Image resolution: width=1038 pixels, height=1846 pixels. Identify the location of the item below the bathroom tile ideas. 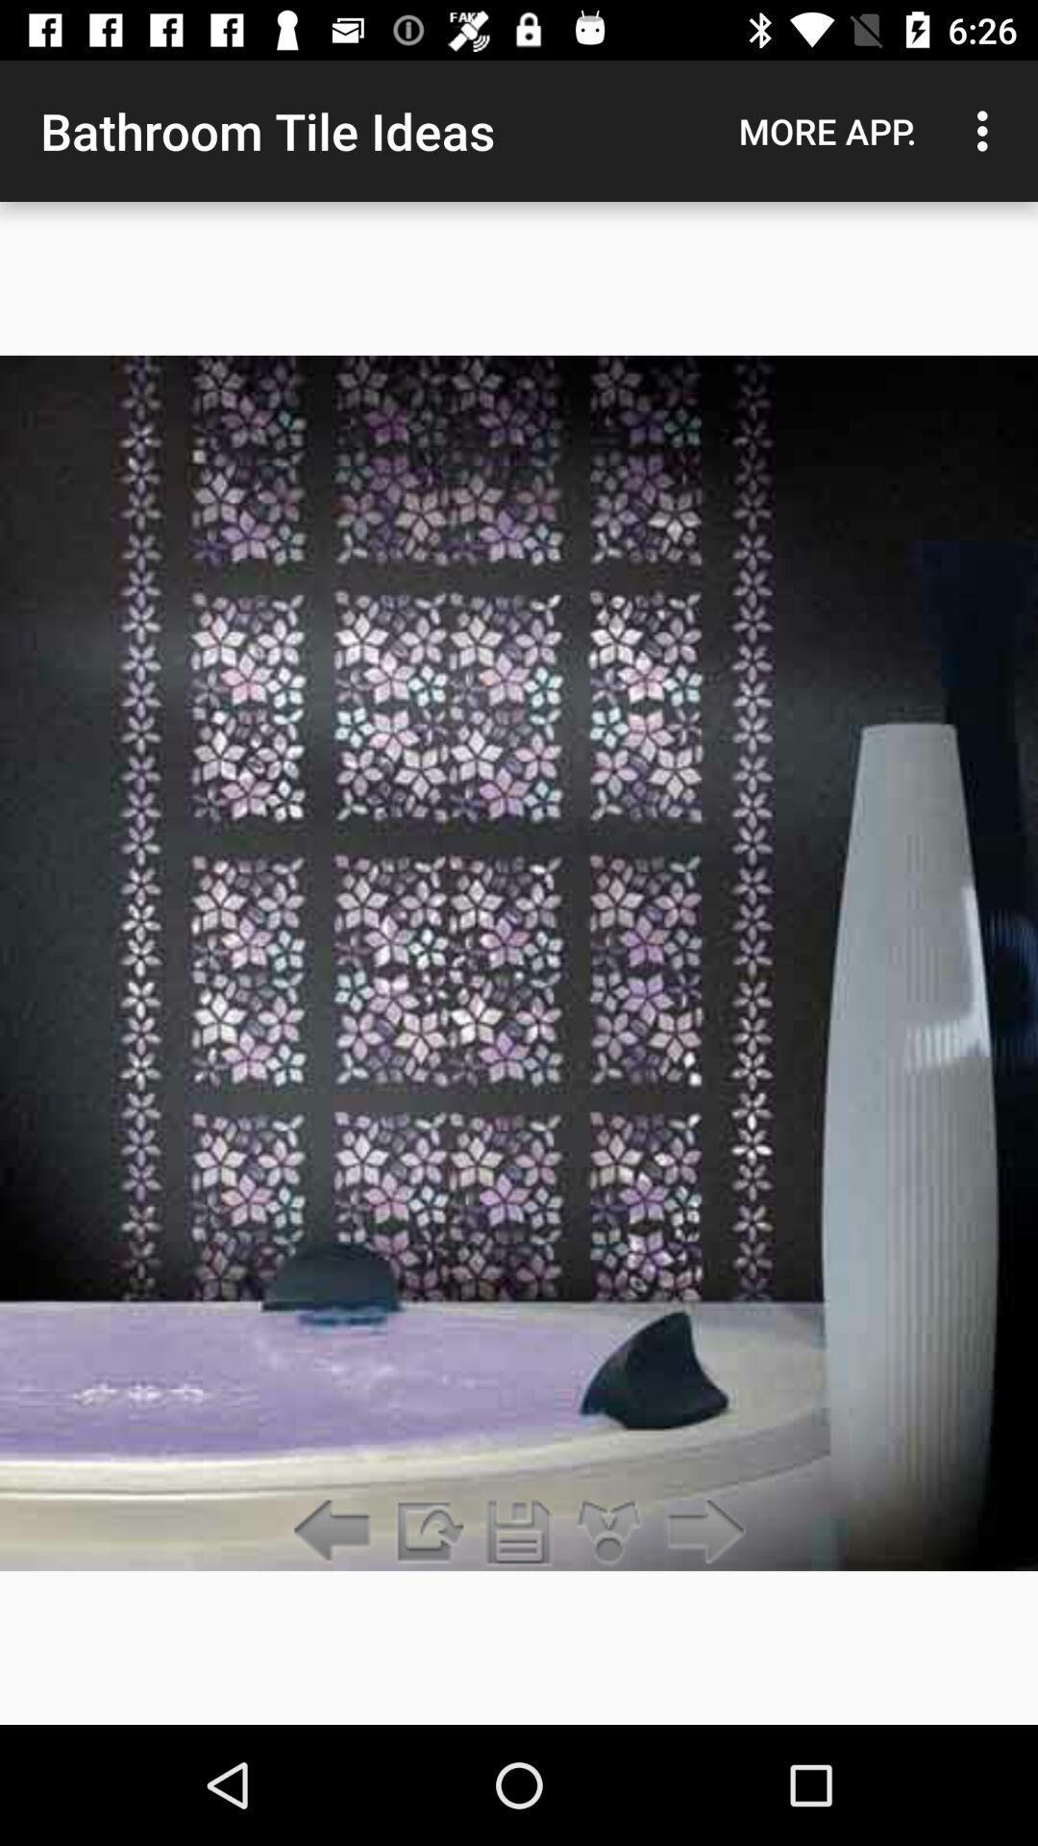
(519, 1532).